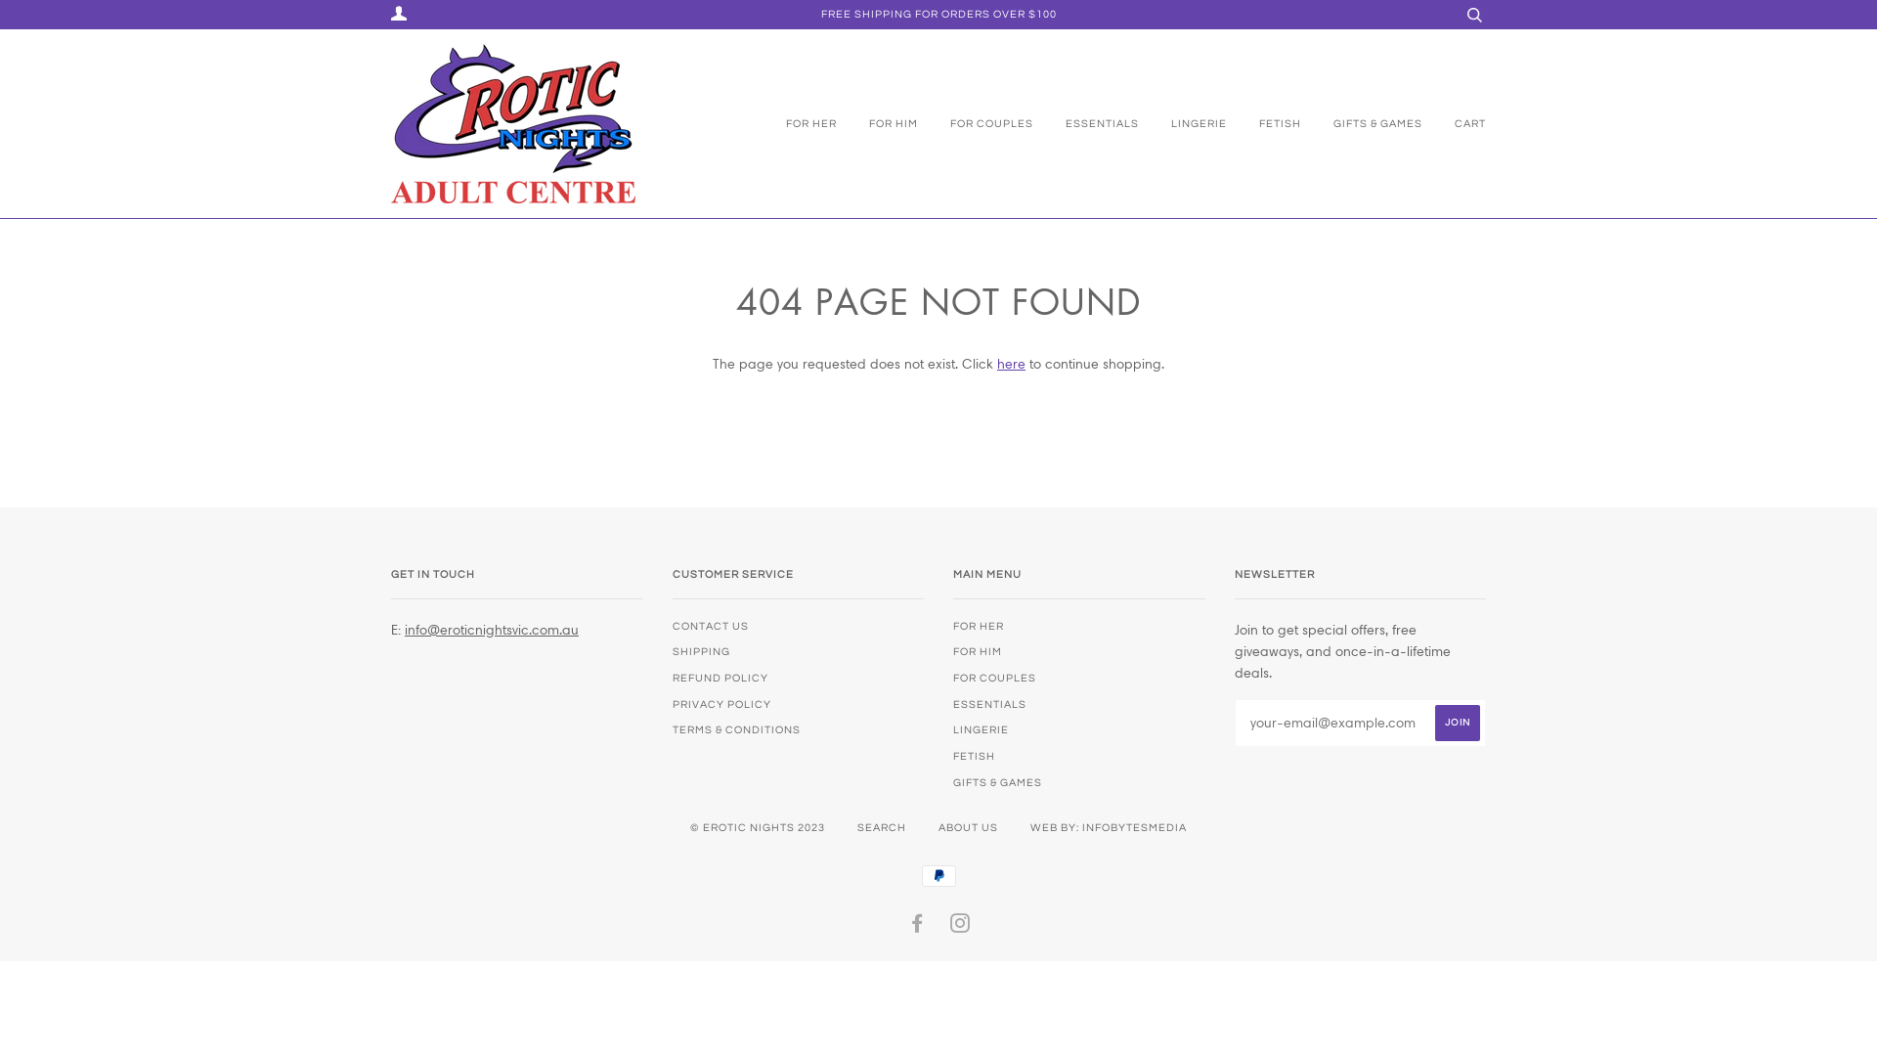  I want to click on 'FOR HER', so click(807, 124).